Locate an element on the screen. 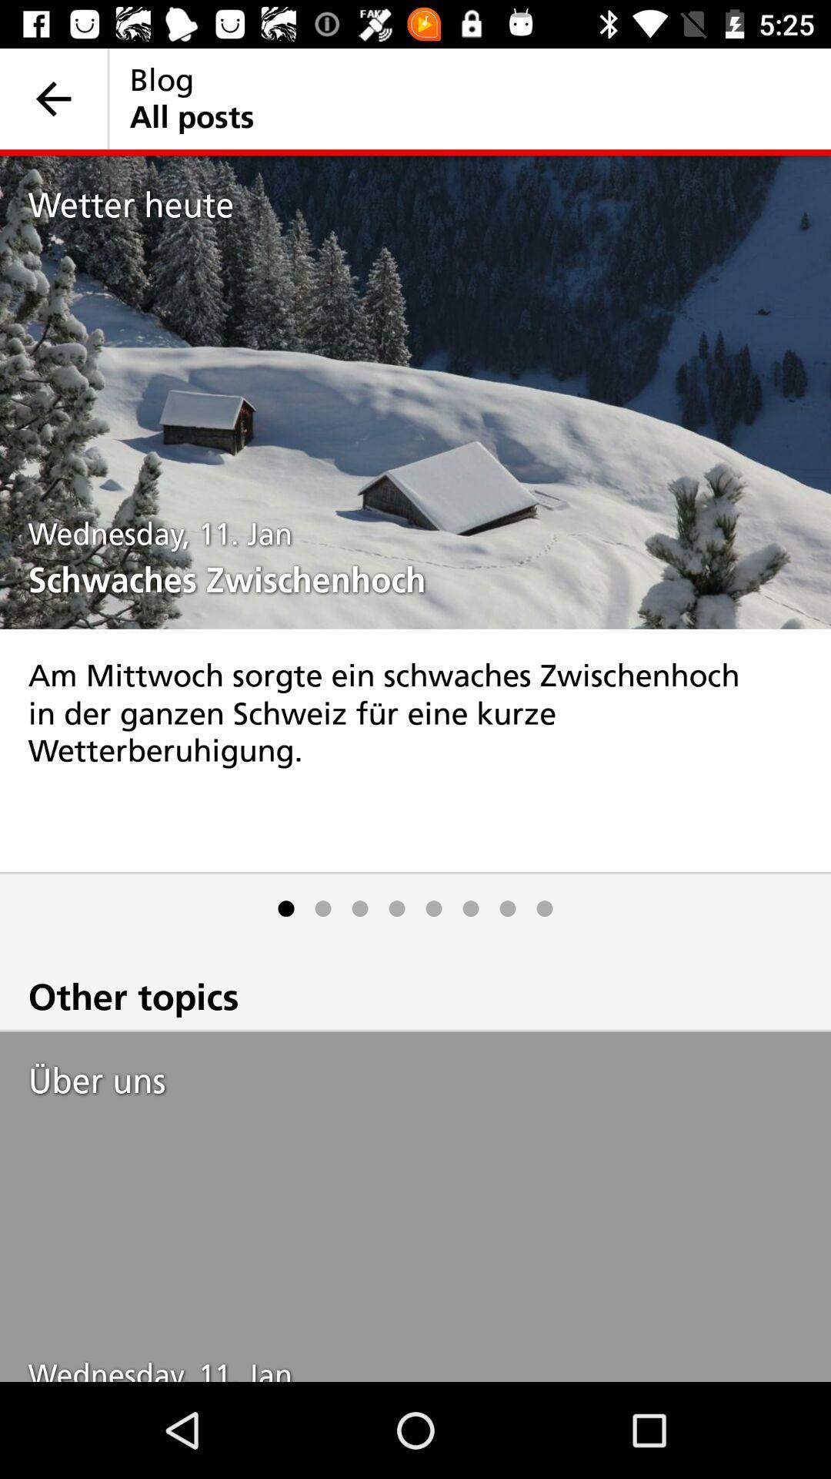 The image size is (831, 1479). am mittwoch sorgte item is located at coordinates (415, 750).